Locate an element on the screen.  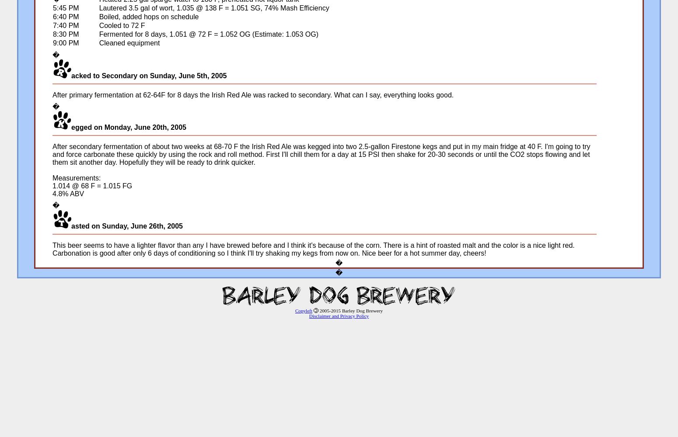
'acked to Secondary on Sunday, June 5th, 2005' is located at coordinates (71, 76).